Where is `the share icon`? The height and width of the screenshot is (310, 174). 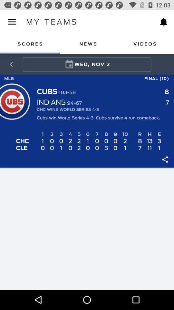 the share icon is located at coordinates (11, 64).